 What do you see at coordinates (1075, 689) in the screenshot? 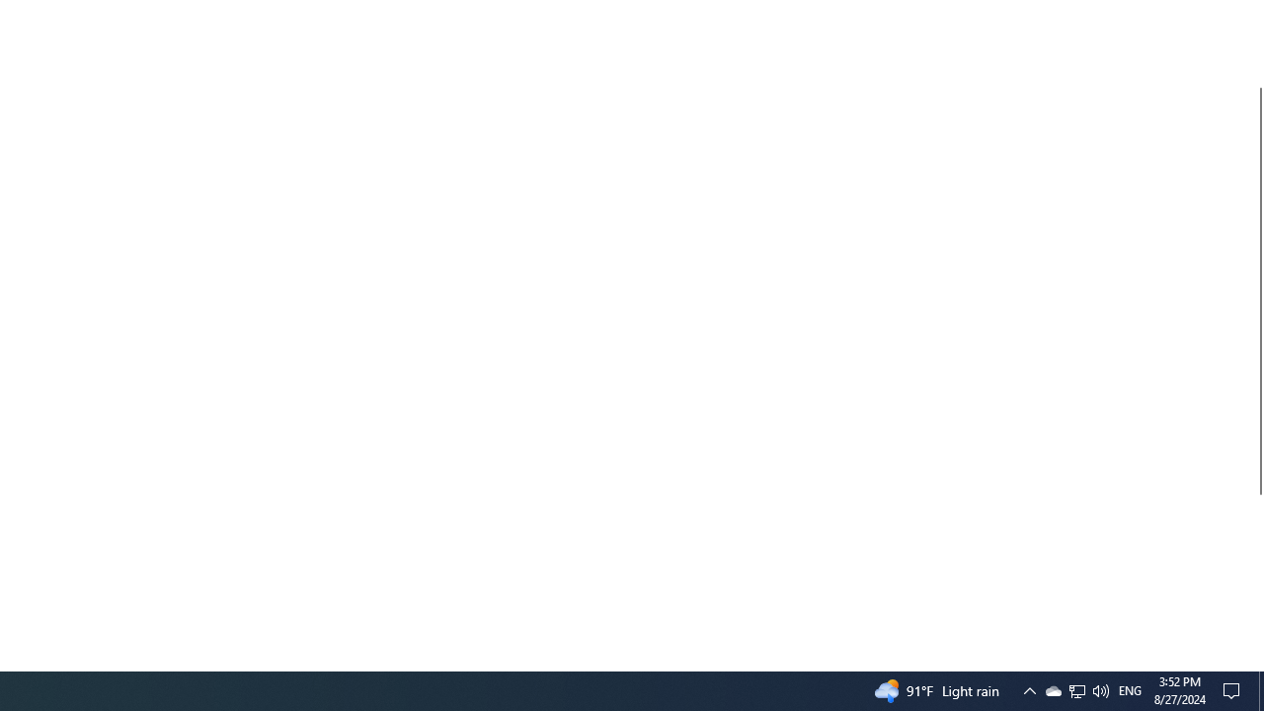
I see `'User Promoted Notification Area'` at bounding box center [1075, 689].